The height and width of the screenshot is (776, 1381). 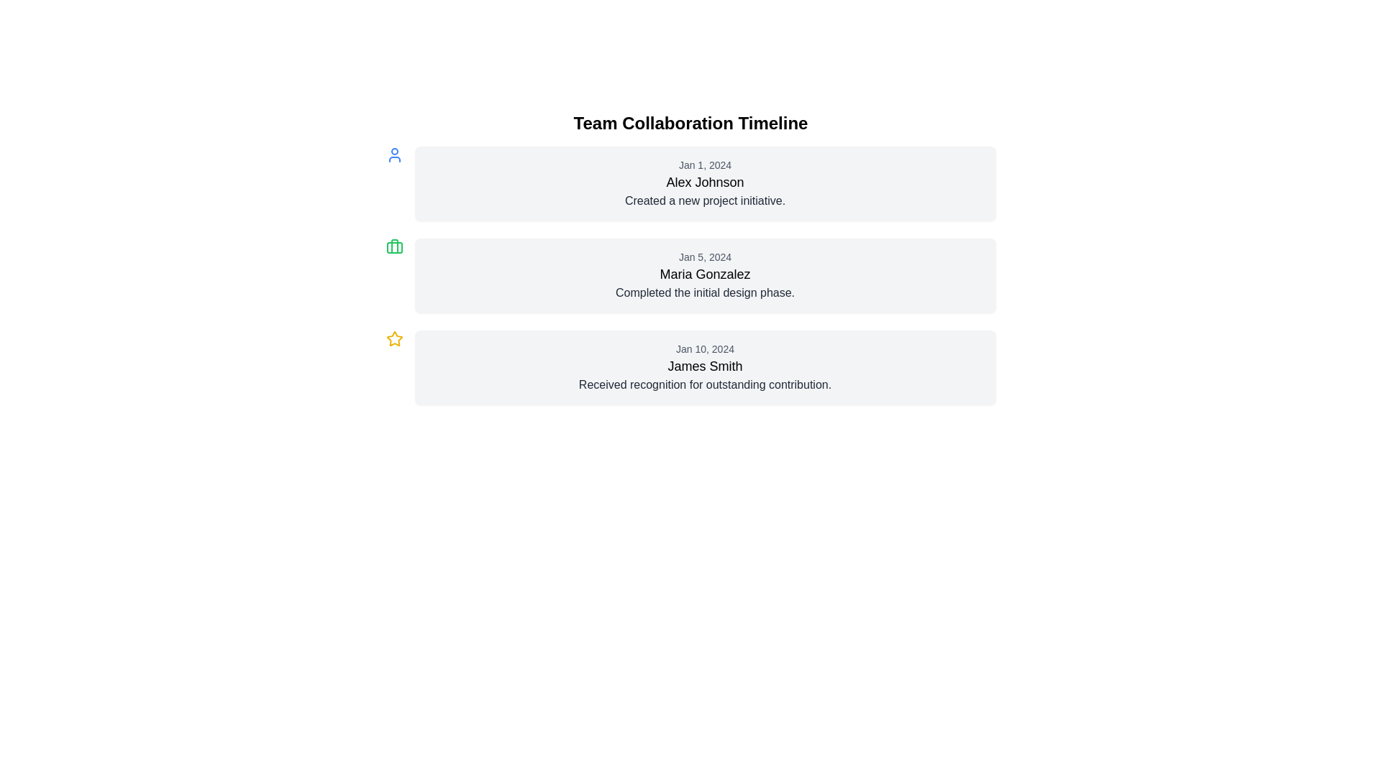 I want to click on the second timeline entry to edit the event information, which includes the date, individual, and description, so click(x=690, y=276).